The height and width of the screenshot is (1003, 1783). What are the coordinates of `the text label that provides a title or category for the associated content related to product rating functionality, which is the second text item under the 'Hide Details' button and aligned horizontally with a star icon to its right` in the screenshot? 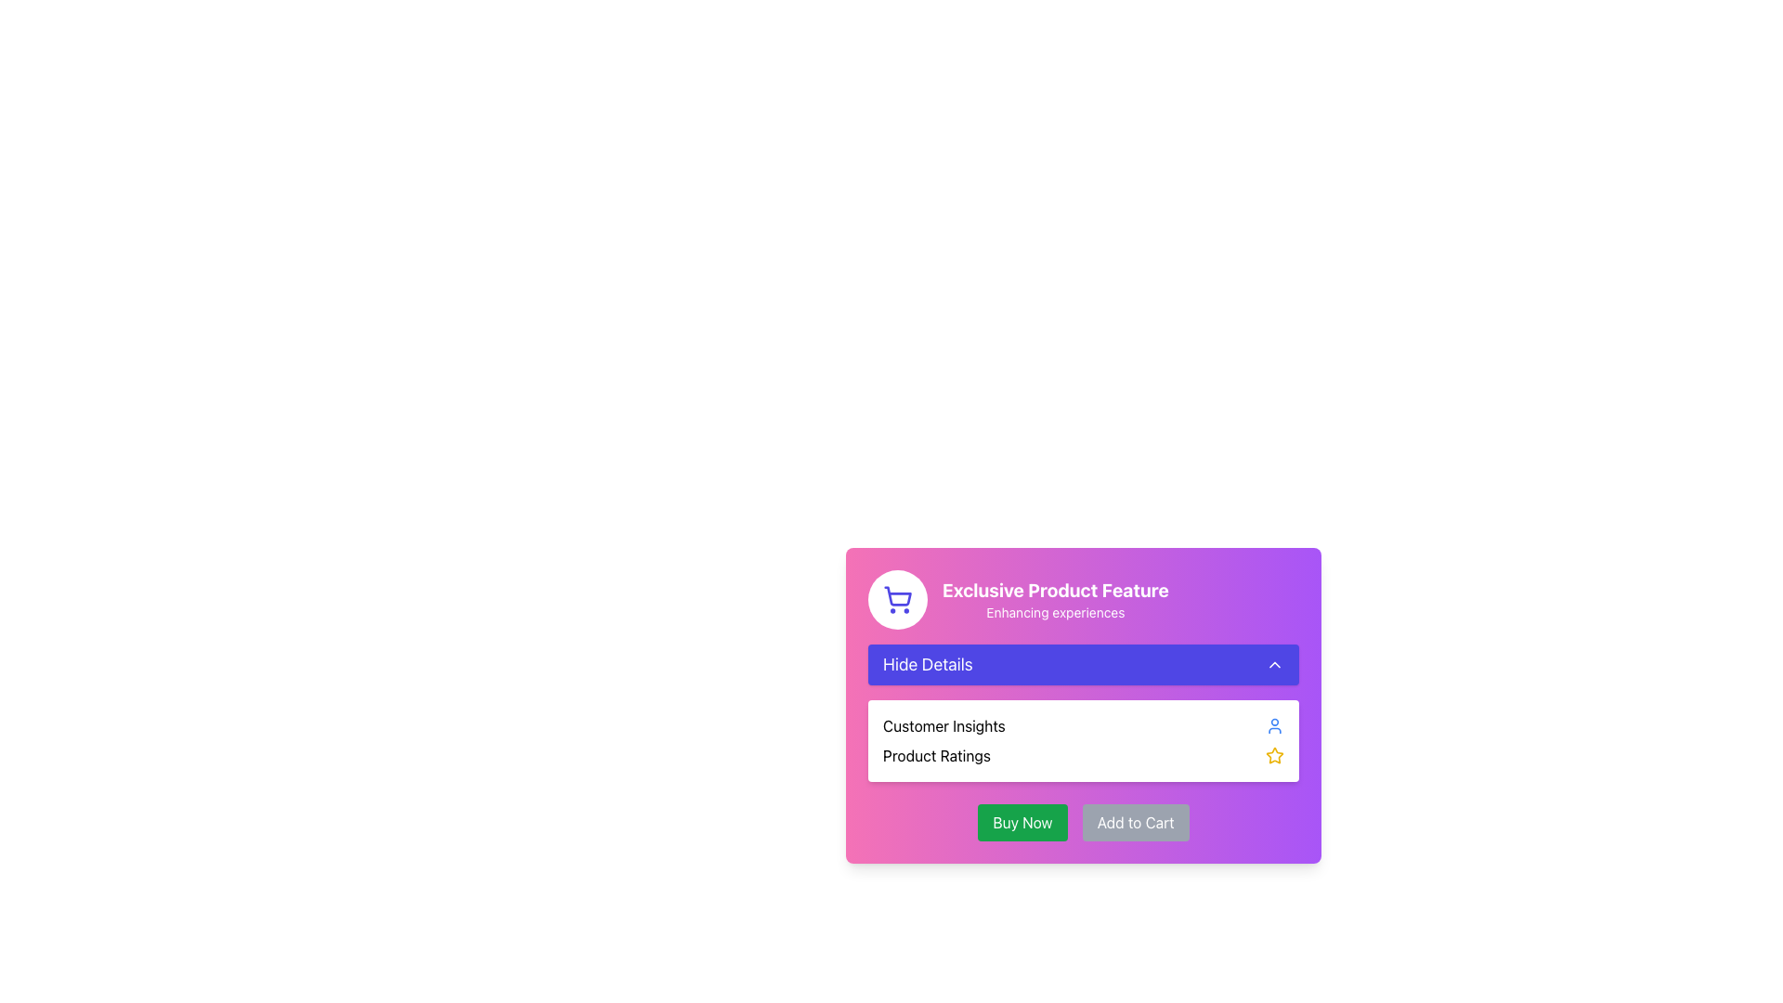 It's located at (936, 755).